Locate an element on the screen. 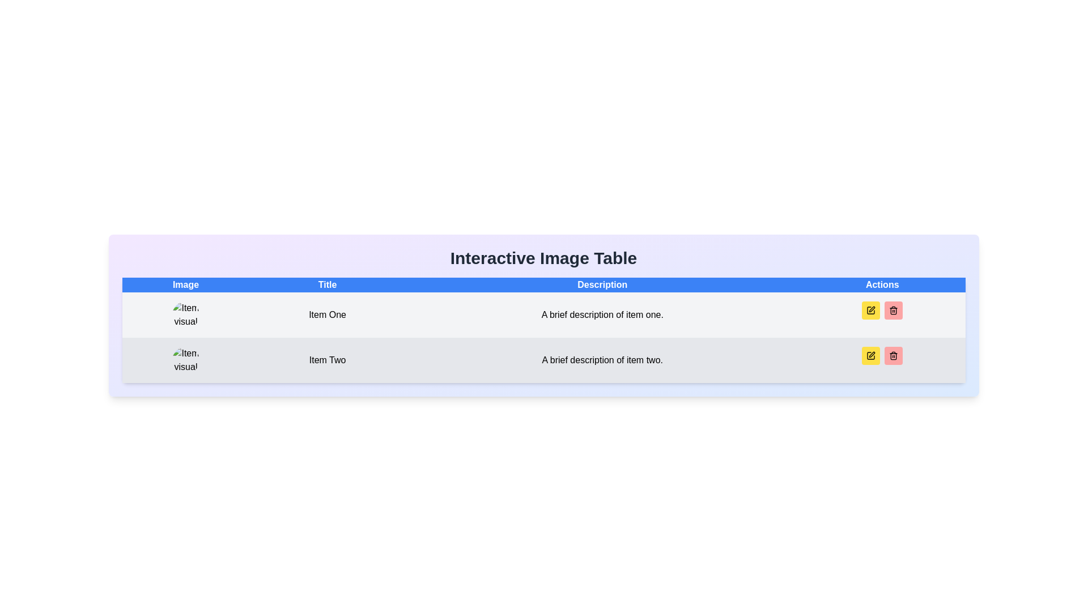 The image size is (1088, 612). the 'Title' text label, which is a column header in the table, centered on a blue background with white font is located at coordinates (327, 284).